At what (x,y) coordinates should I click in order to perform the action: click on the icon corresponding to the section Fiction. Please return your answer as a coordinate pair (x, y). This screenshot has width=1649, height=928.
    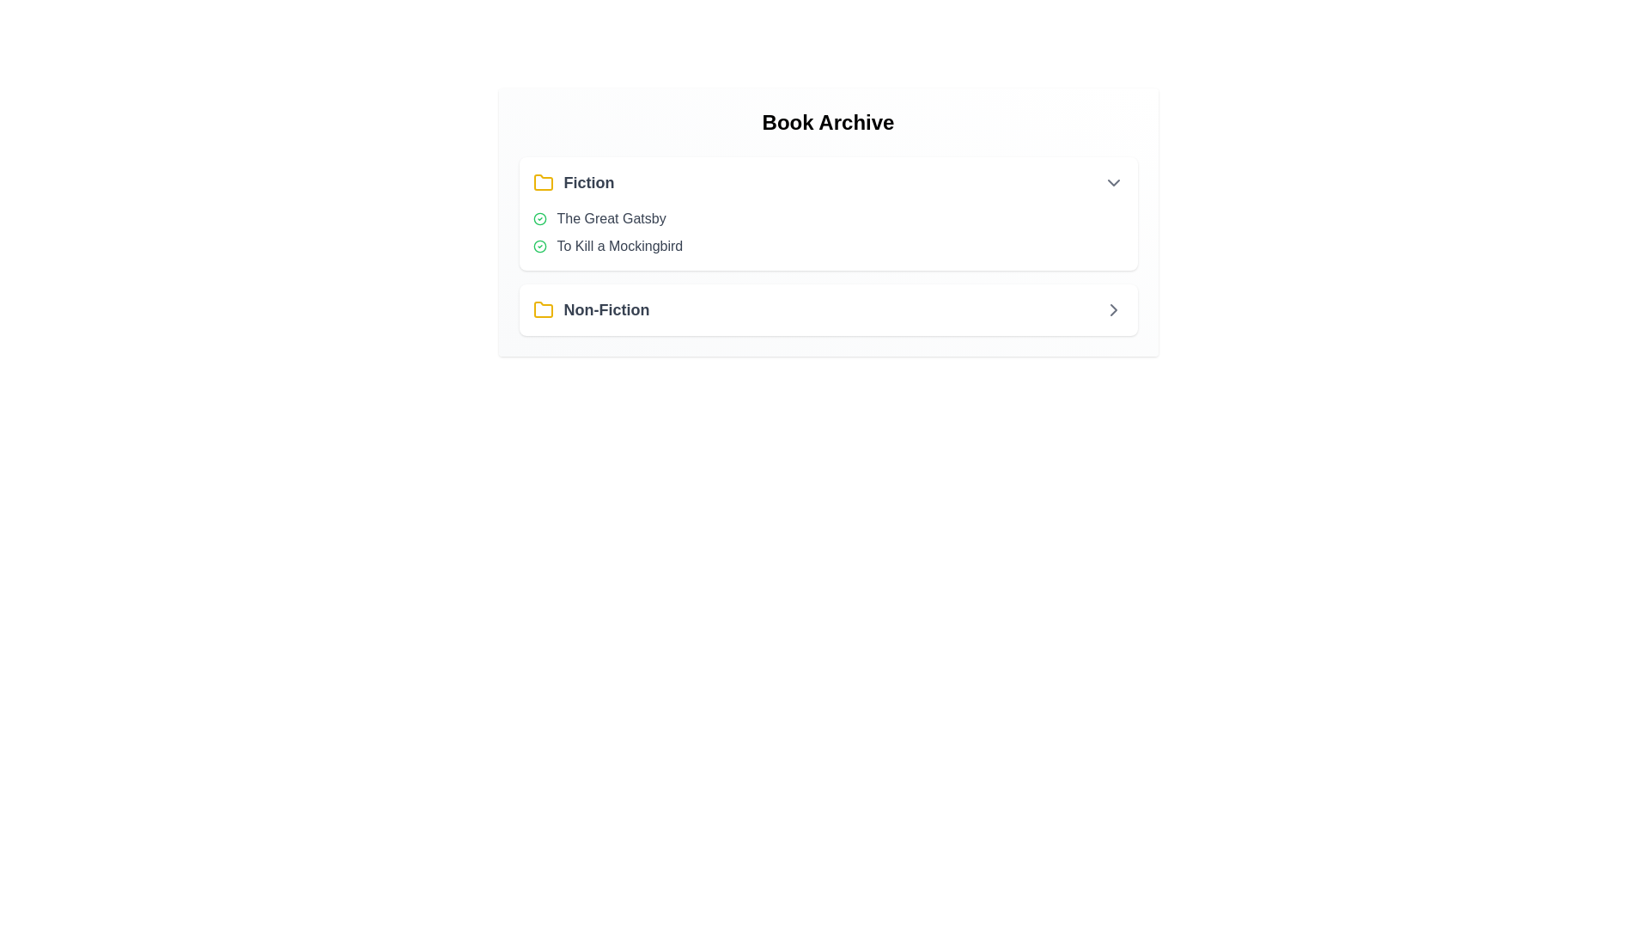
    Looking at the image, I should click on (542, 182).